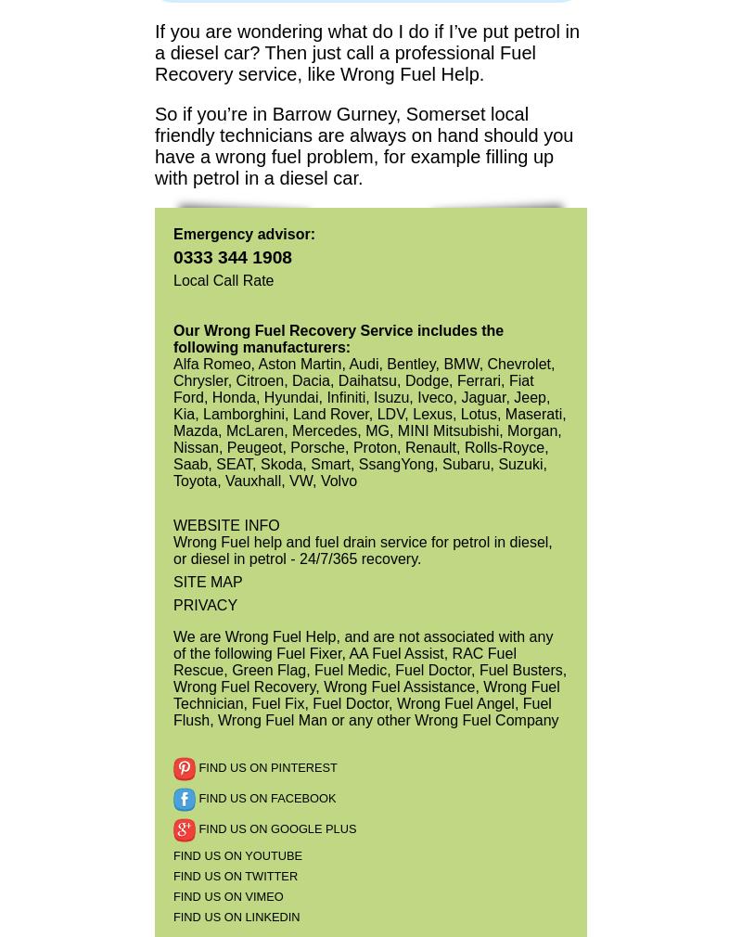  What do you see at coordinates (242, 232) in the screenshot?
I see `'Emergency advisor:'` at bounding box center [242, 232].